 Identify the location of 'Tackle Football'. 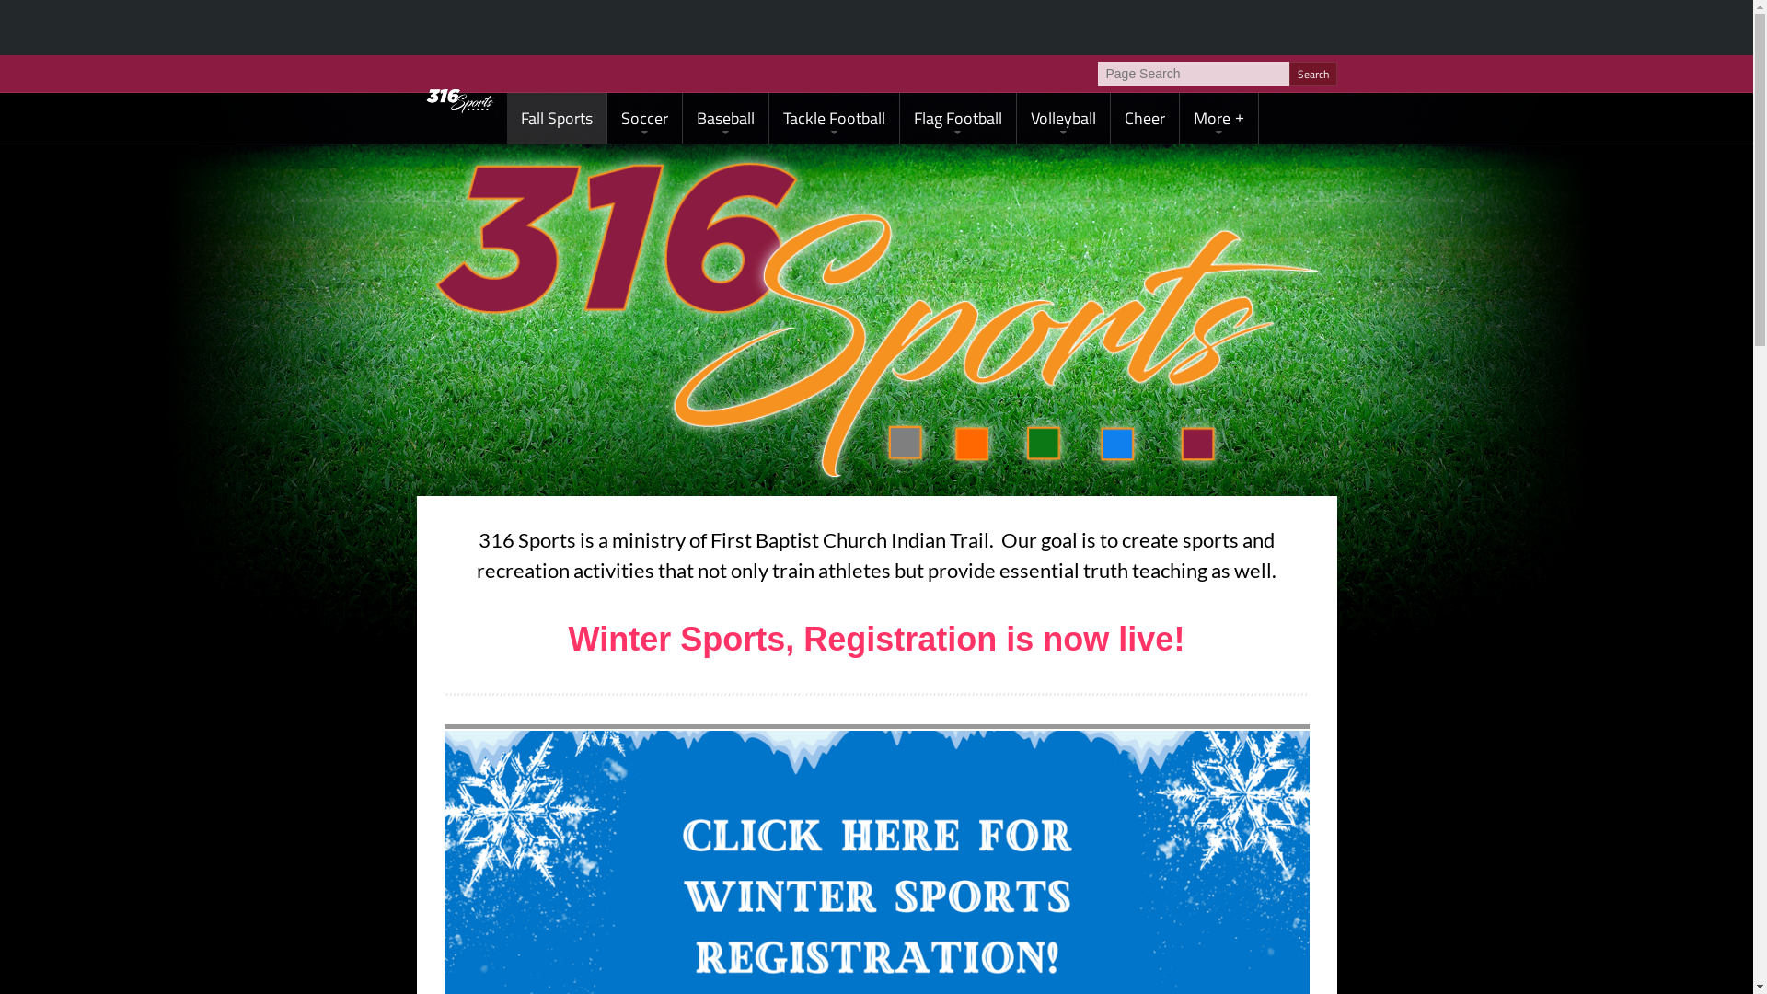
(768, 118).